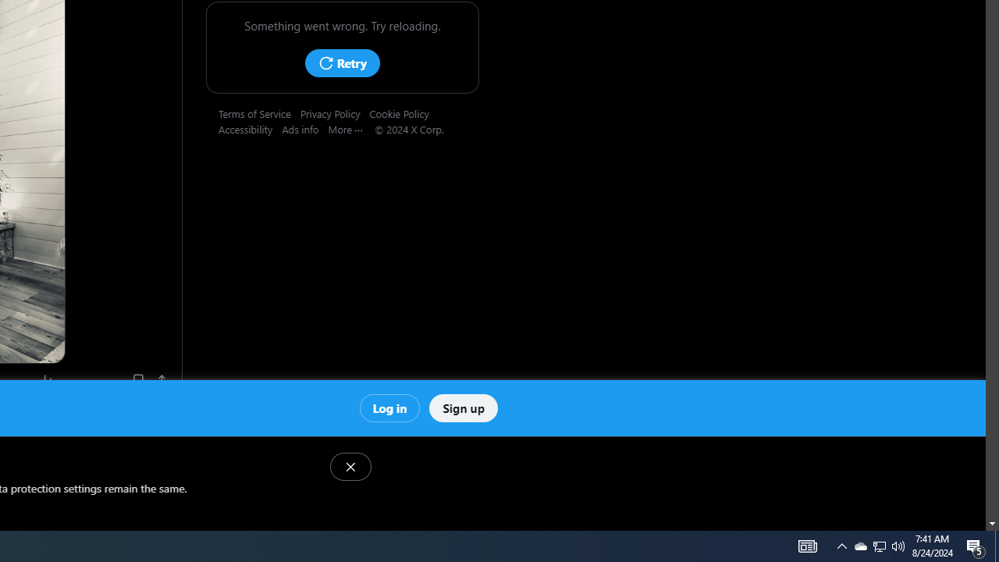  I want to click on 'Log in', so click(389, 407).